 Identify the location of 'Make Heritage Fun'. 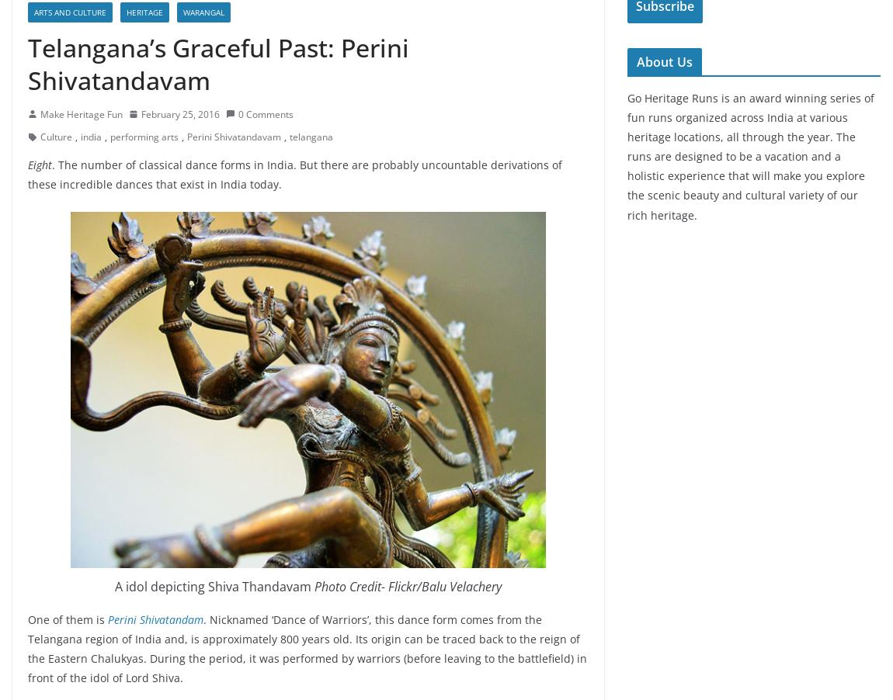
(80, 113).